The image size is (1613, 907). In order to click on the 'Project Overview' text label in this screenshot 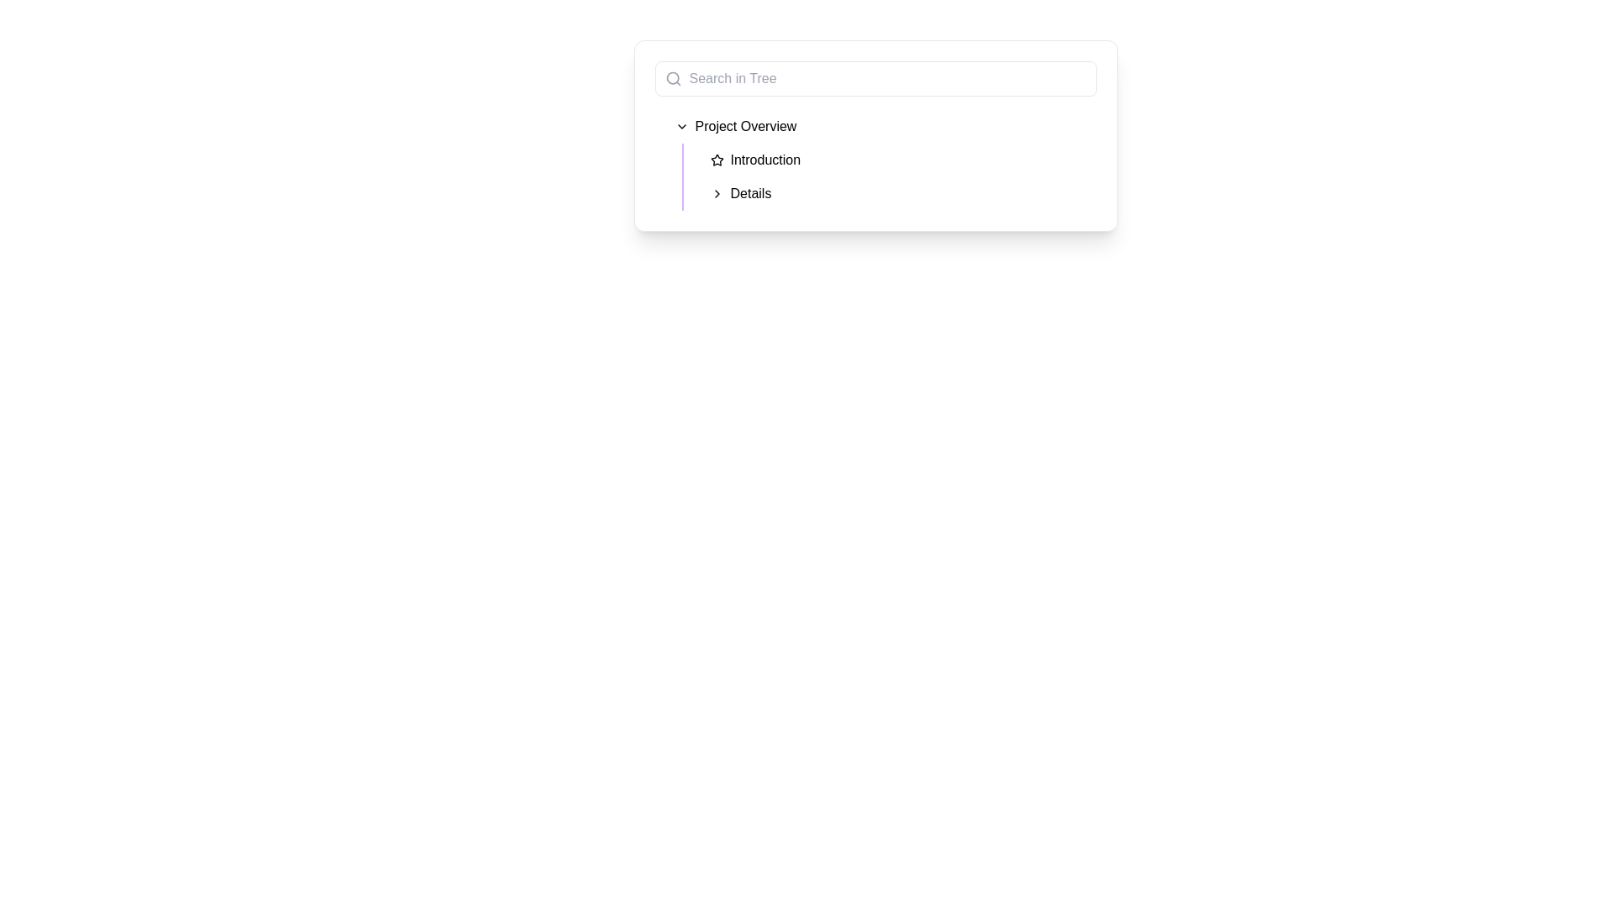, I will do `click(745, 125)`.